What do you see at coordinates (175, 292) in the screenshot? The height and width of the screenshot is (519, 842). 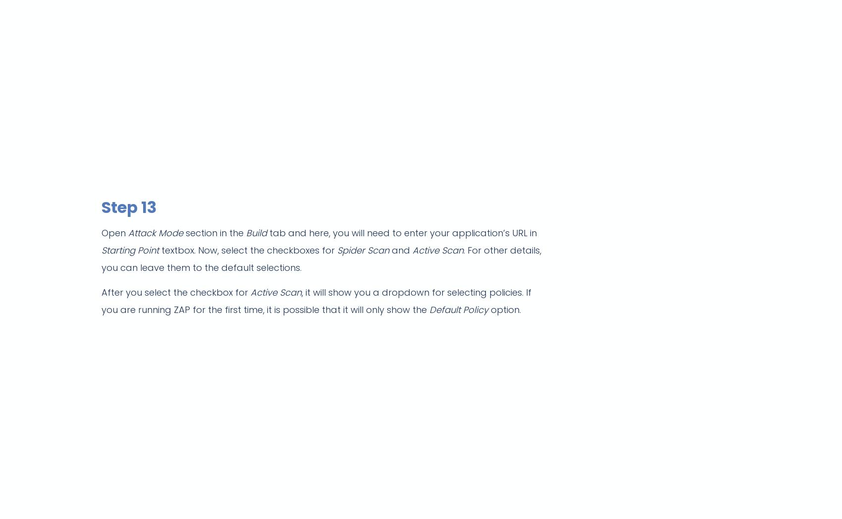 I see `'After you select the checkbox for'` at bounding box center [175, 292].